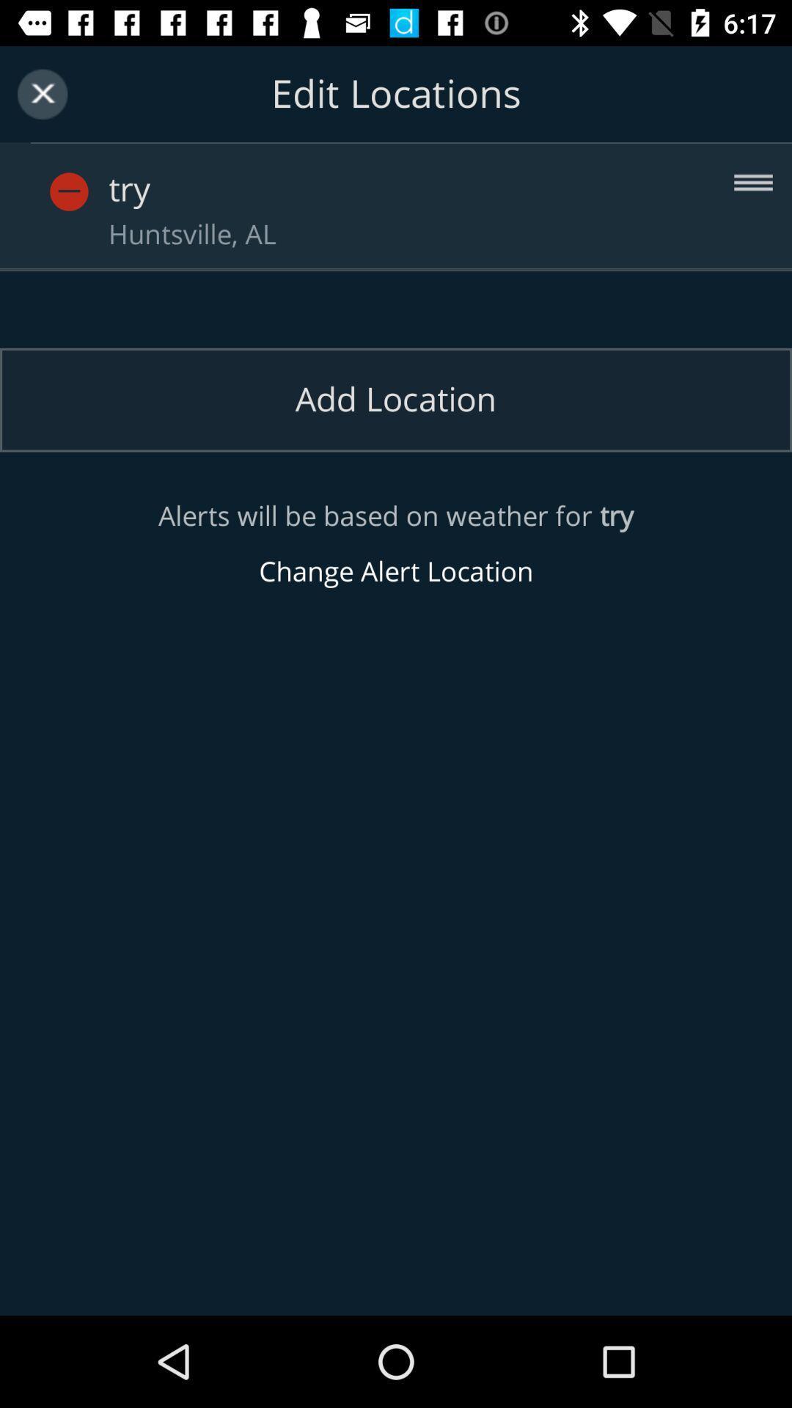  What do you see at coordinates (69, 191) in the screenshot?
I see `remove` at bounding box center [69, 191].